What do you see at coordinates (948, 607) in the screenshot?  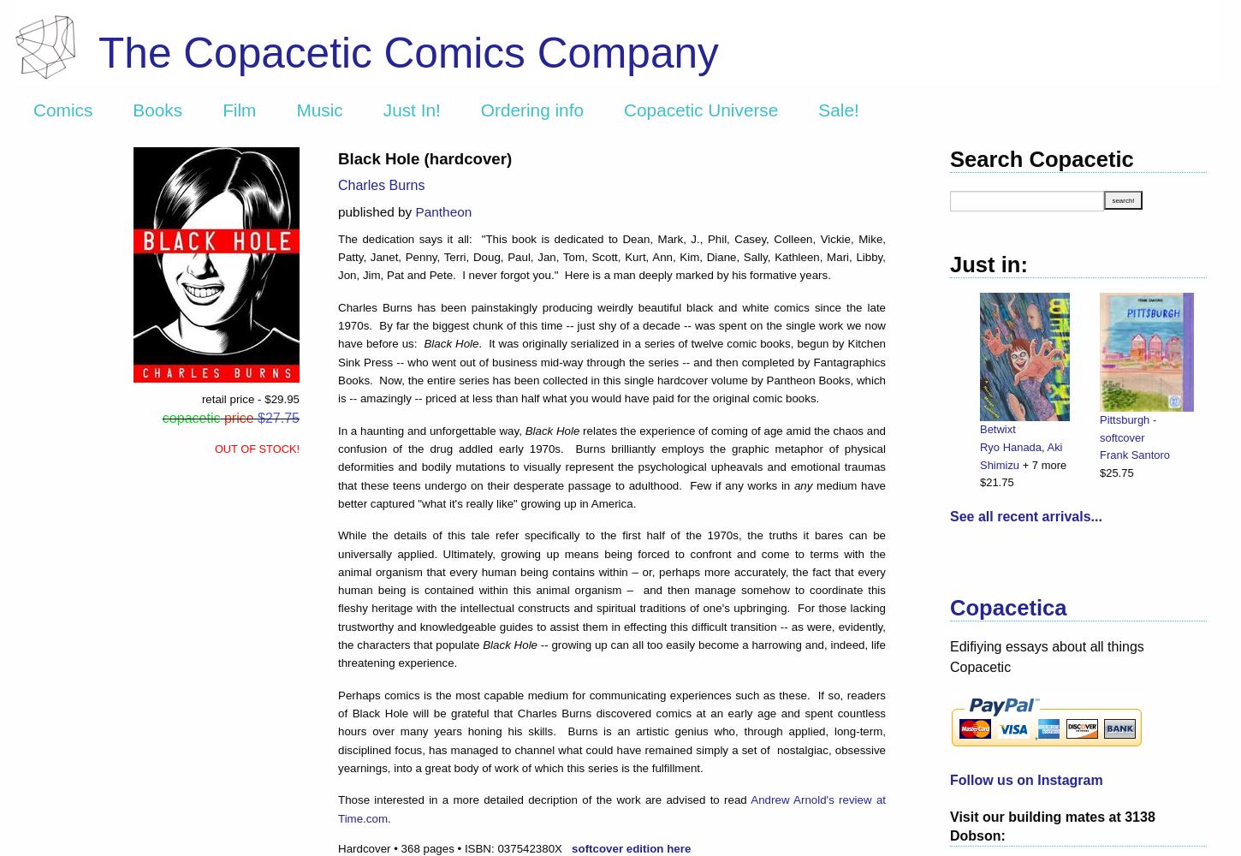 I see `'Copacetica'` at bounding box center [948, 607].